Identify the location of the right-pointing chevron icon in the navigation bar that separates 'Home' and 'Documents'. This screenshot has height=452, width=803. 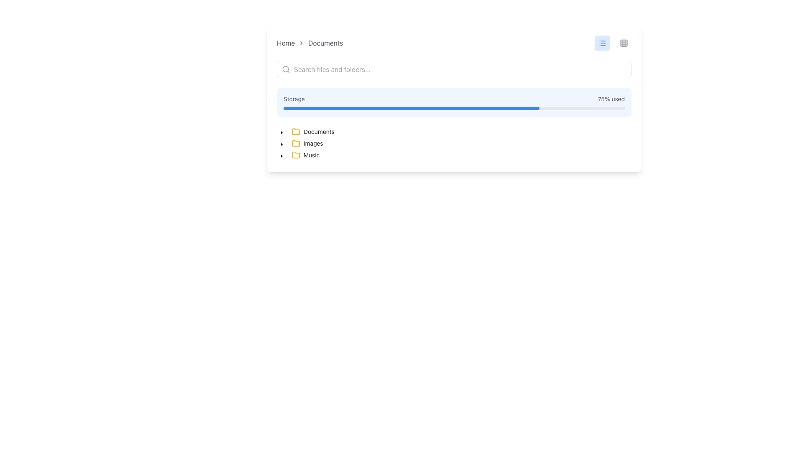
(301, 43).